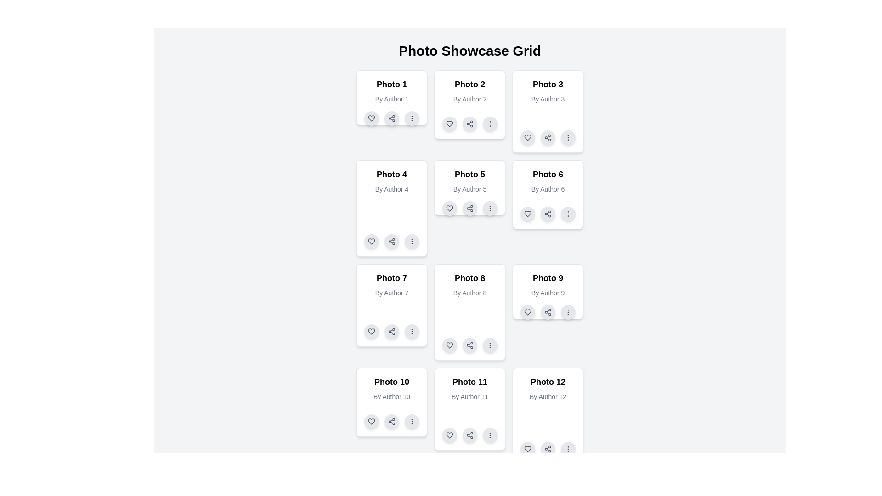 Image resolution: width=882 pixels, height=496 pixels. Describe the element at coordinates (548, 382) in the screenshot. I see `the Text label displaying 'Photo 12', which is styled with black bold text and is located within a card that features the text 'By Author 12' below it` at that location.